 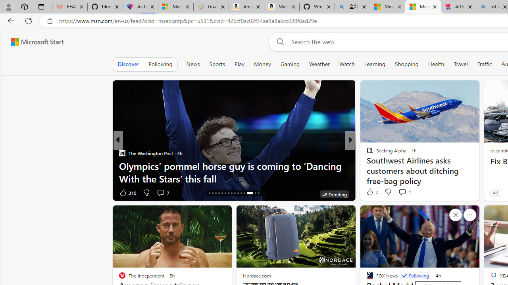 I want to click on 'Sports', so click(x=217, y=64).